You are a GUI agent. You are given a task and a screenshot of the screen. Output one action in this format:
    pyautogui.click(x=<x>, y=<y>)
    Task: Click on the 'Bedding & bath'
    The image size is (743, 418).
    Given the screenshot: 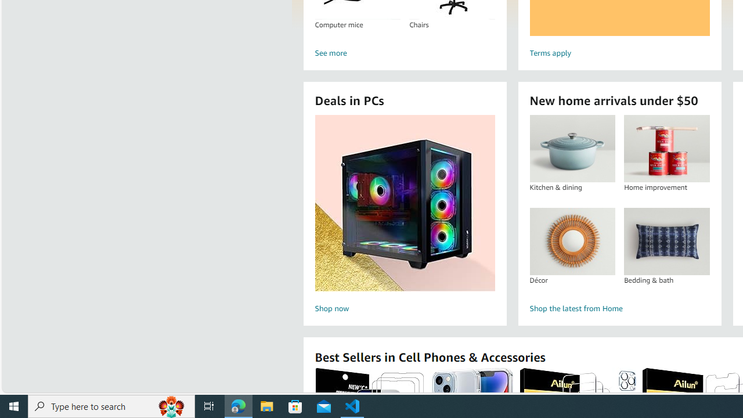 What is the action you would take?
    pyautogui.click(x=666, y=240)
    